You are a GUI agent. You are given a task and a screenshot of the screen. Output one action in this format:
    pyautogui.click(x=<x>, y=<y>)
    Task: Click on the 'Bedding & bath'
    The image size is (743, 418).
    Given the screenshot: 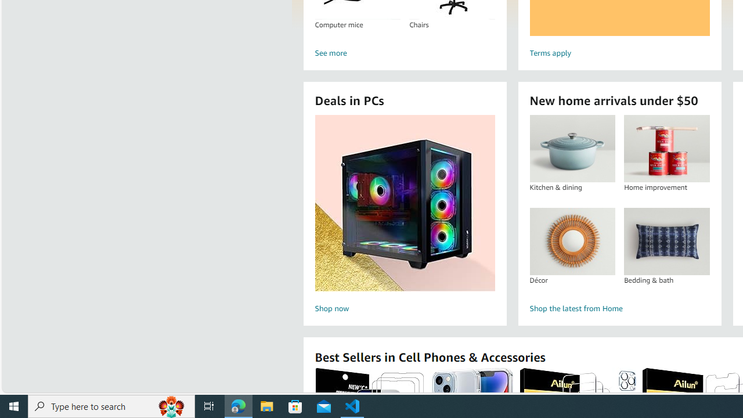 What is the action you would take?
    pyautogui.click(x=666, y=240)
    